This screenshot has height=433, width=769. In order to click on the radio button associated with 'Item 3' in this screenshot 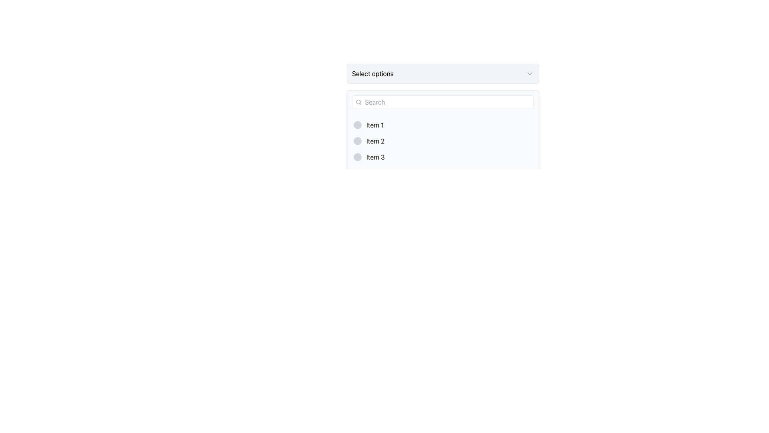, I will do `click(357, 157)`.